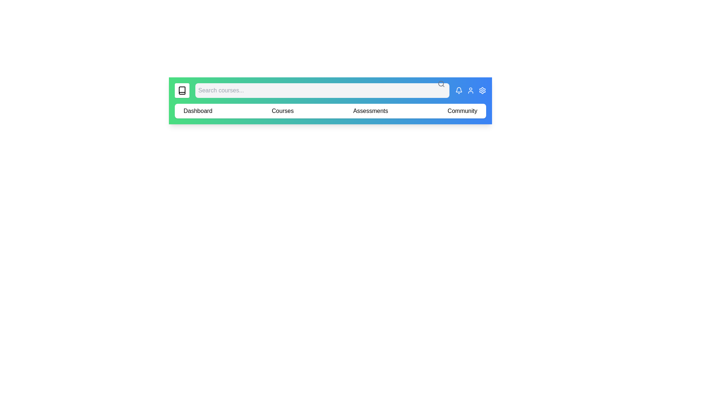 Image resolution: width=705 pixels, height=396 pixels. I want to click on the element labeled 'Search Icon' to reveal its hover effect, so click(441, 83).